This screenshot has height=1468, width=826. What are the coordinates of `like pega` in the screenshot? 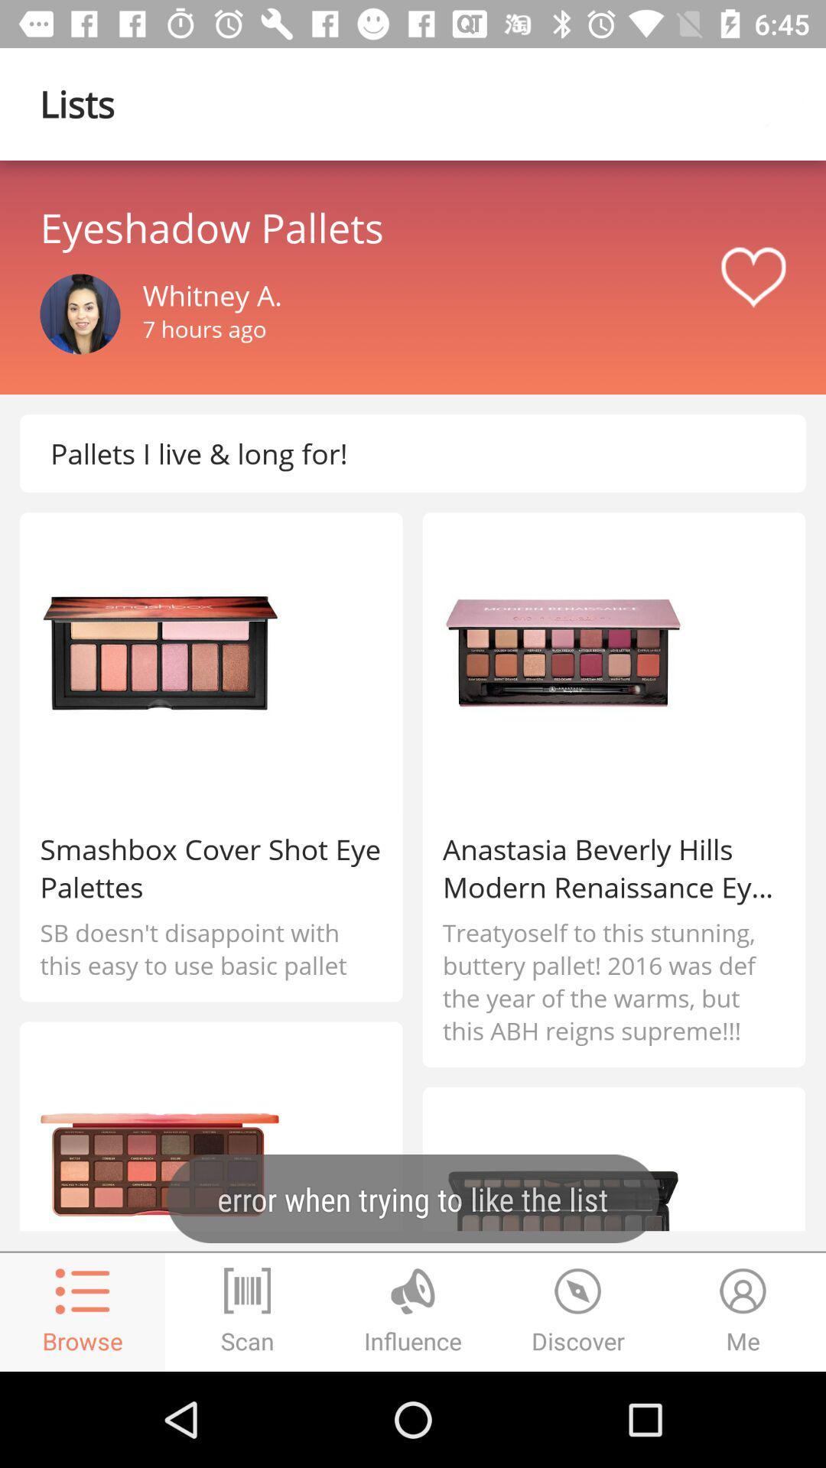 It's located at (753, 278).